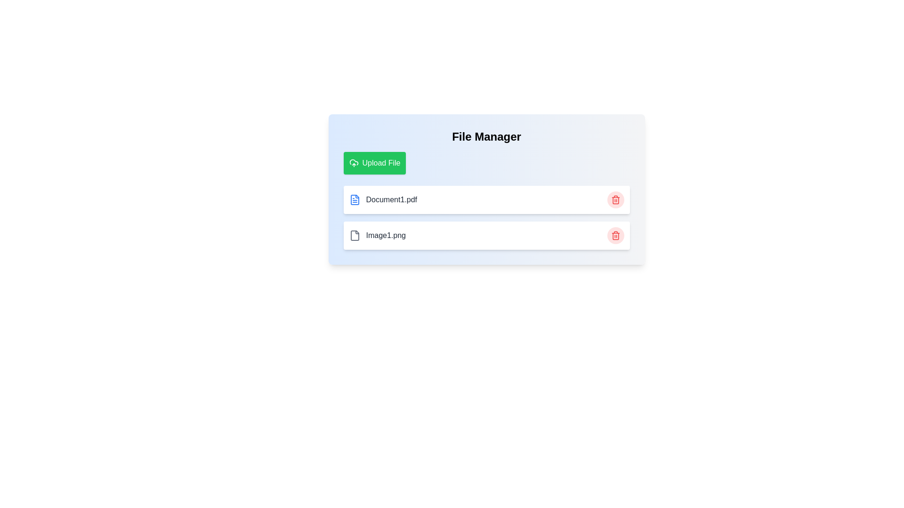 The height and width of the screenshot is (508, 904). What do you see at coordinates (354, 199) in the screenshot?
I see `the file type icon located on the left side of the first file row in the file manager interface` at bounding box center [354, 199].